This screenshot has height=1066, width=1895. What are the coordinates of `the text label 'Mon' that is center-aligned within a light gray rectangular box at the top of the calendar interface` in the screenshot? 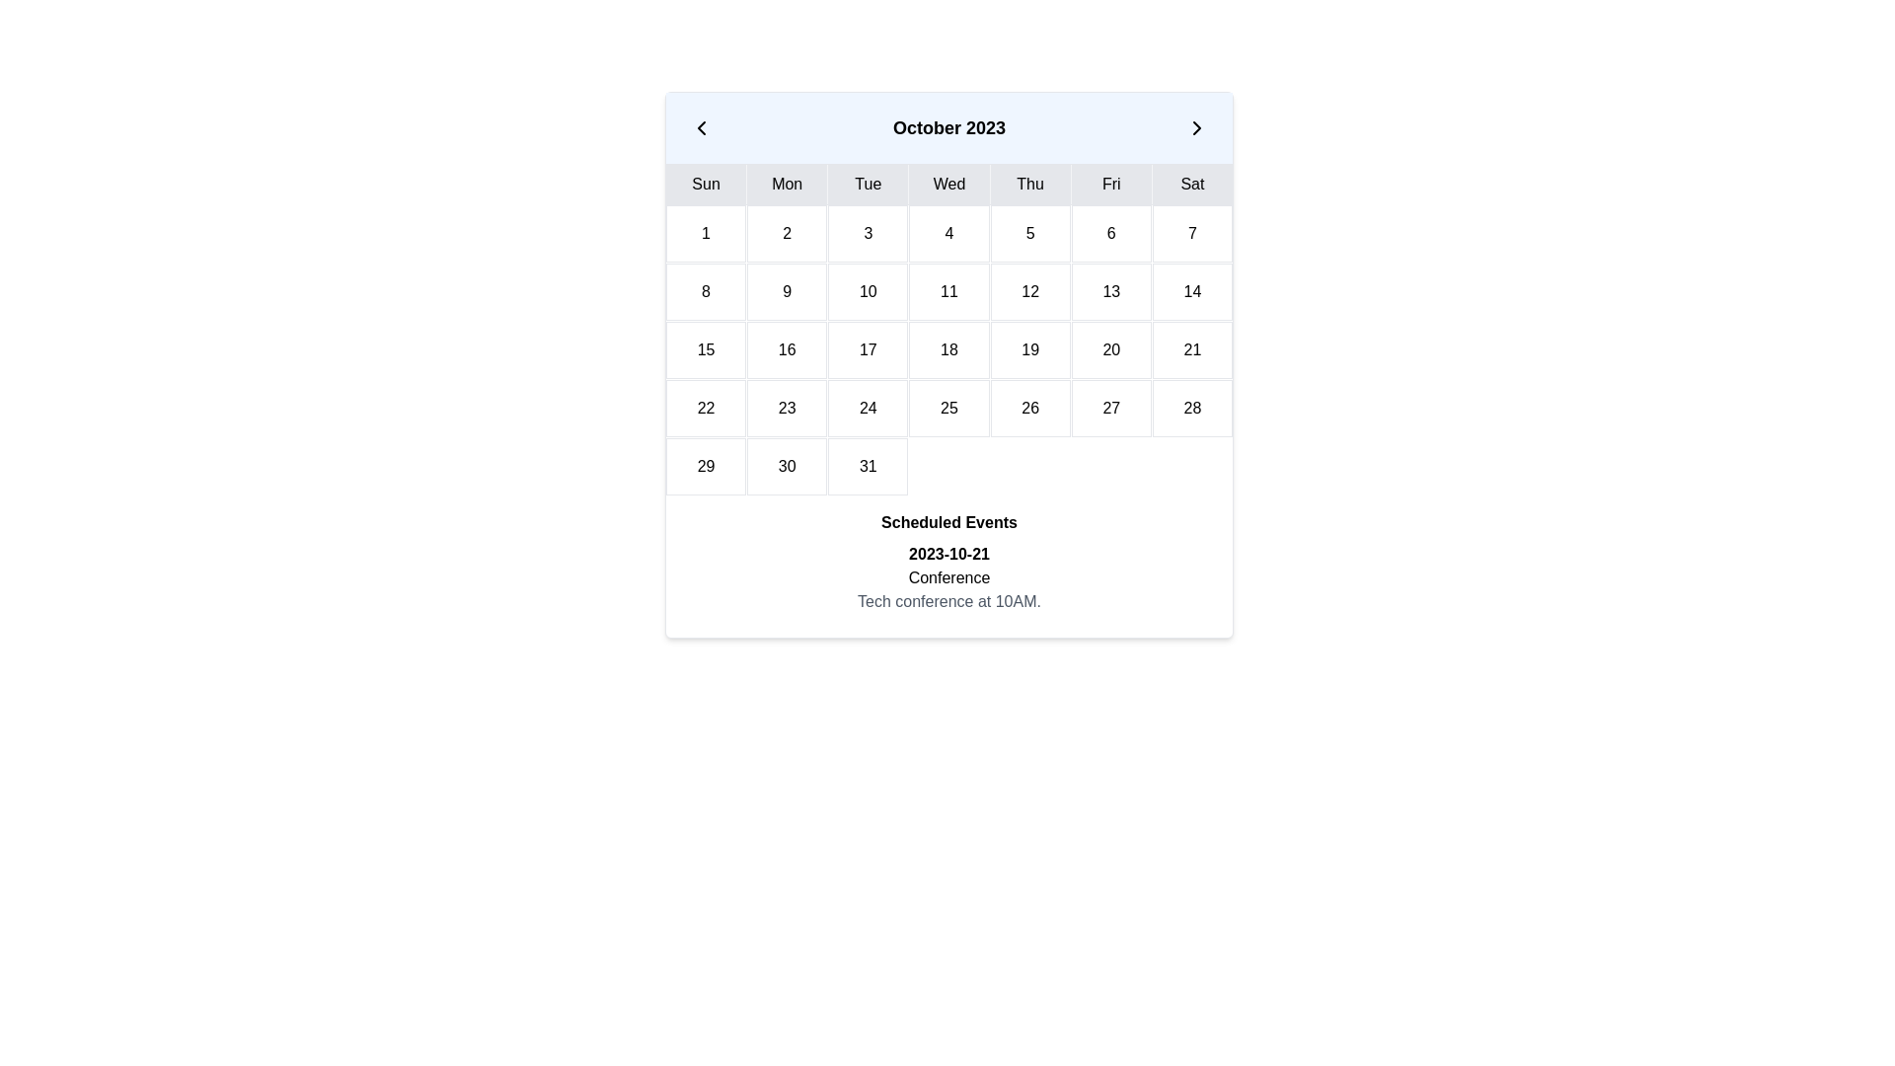 It's located at (786, 184).